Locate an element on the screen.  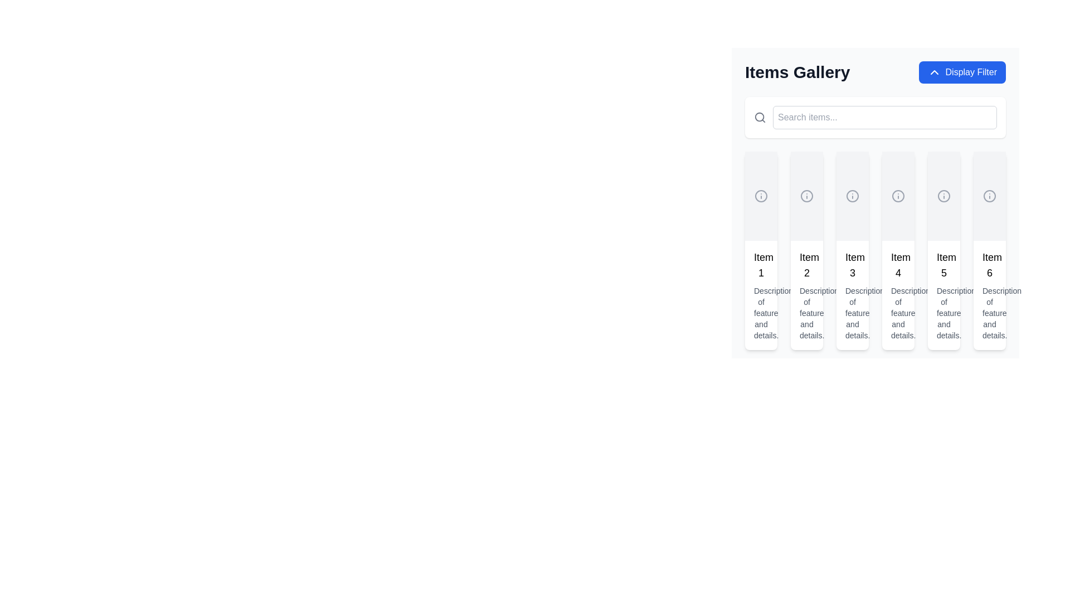
the Card component labeled 'Item 6' with a gray circular icon at the top is located at coordinates (990, 251).